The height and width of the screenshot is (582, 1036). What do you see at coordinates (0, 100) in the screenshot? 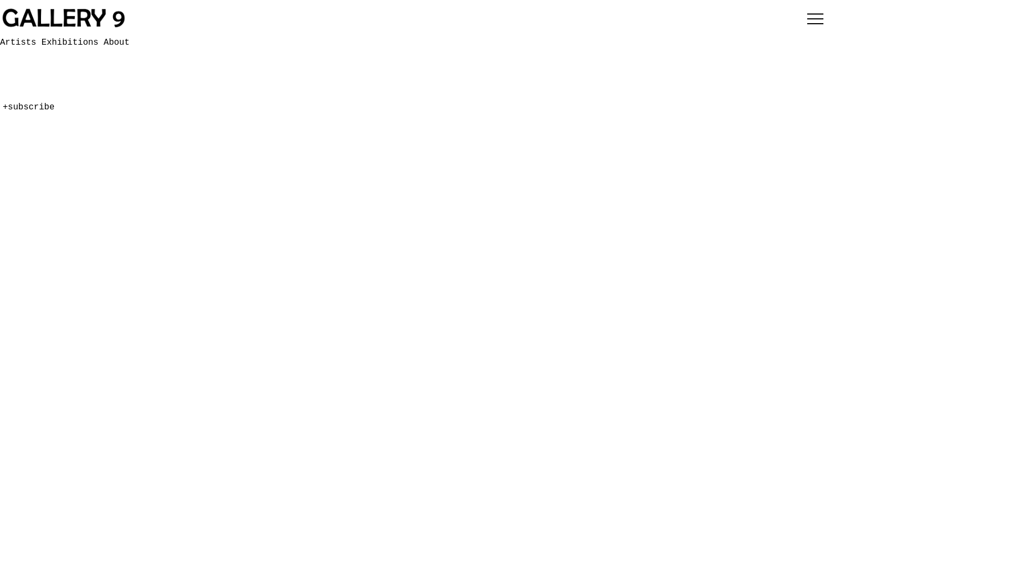
I see `'Artists'` at bounding box center [0, 100].